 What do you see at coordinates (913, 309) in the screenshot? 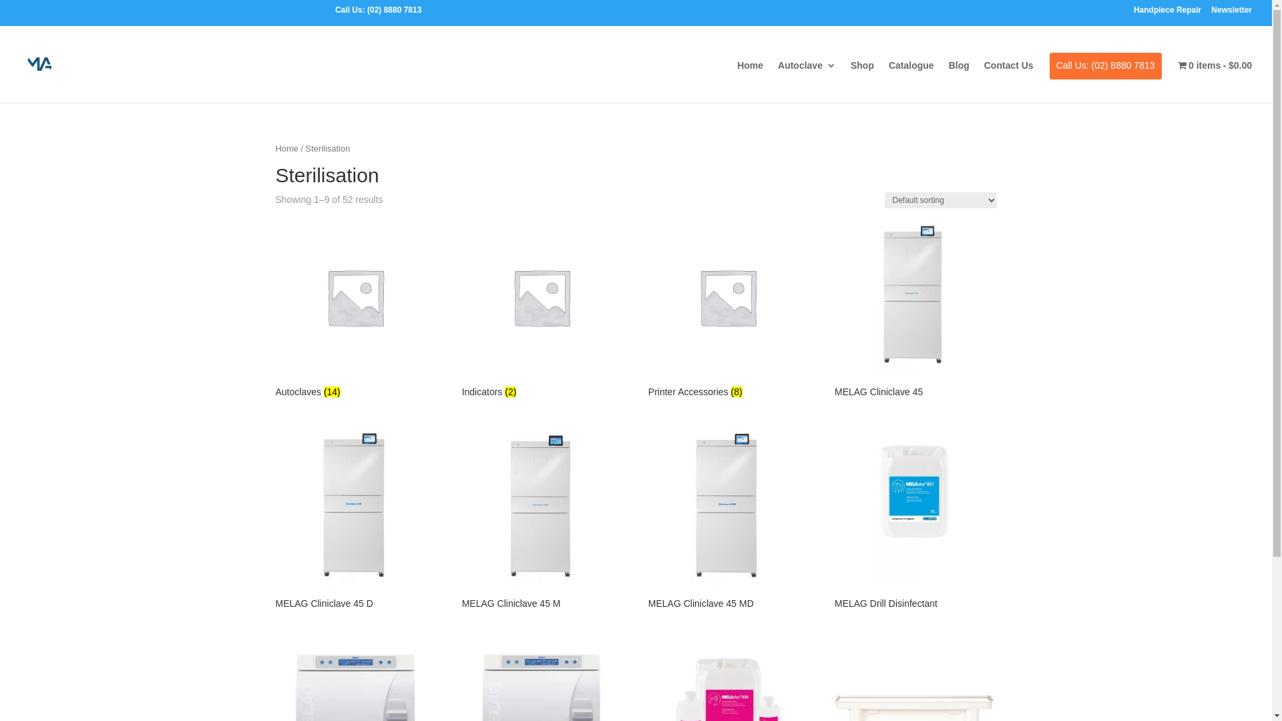
I see `'MELAG Cliniclave 45'` at bounding box center [913, 309].